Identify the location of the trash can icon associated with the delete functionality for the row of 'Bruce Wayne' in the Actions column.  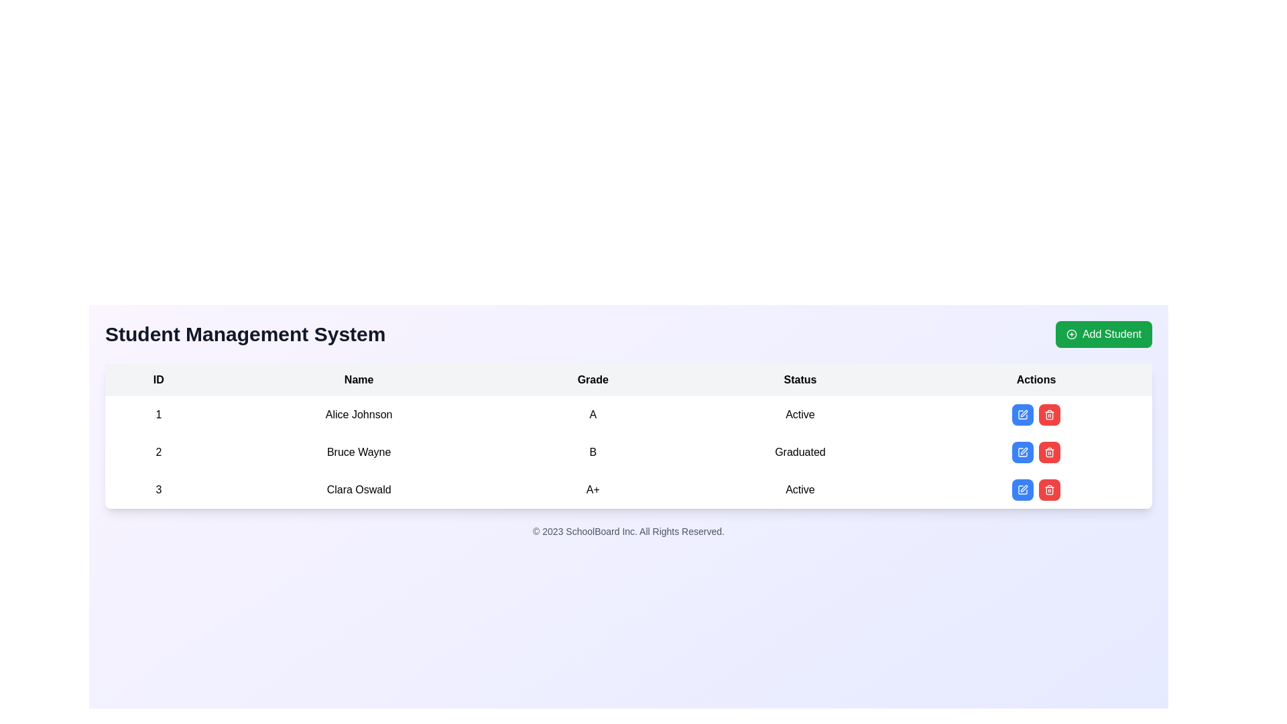
(1048, 491).